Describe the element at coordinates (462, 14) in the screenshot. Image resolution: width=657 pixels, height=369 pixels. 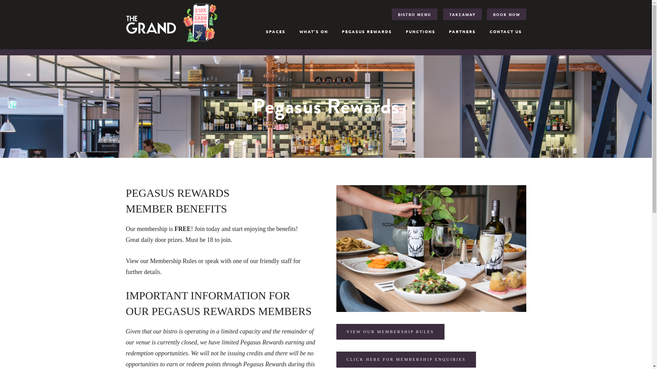
I see `'TAKEAWAY'` at that location.